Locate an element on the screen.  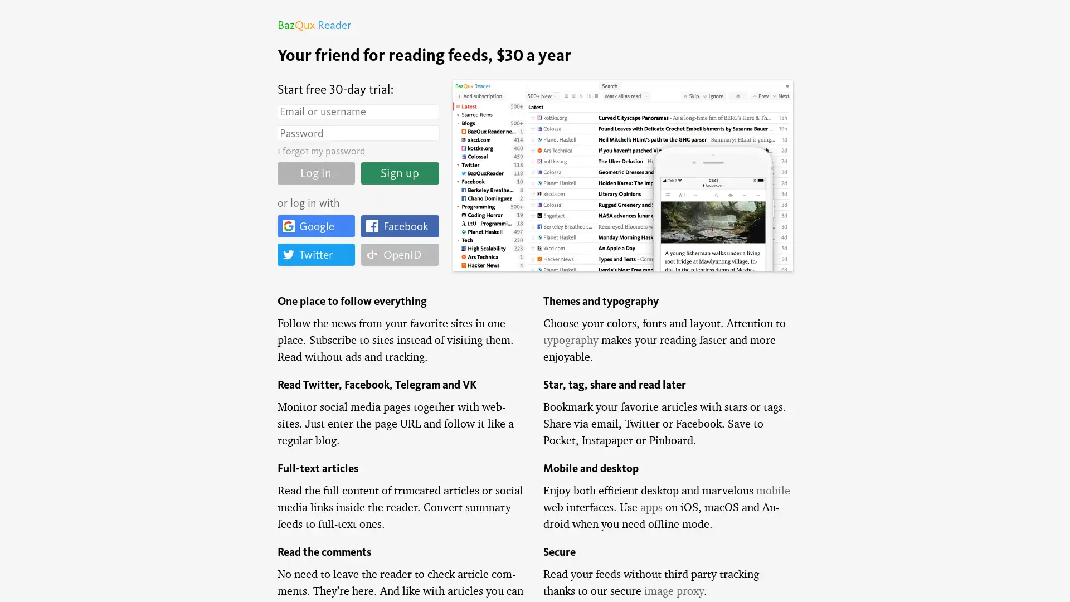
Log in is located at coordinates (315, 172).